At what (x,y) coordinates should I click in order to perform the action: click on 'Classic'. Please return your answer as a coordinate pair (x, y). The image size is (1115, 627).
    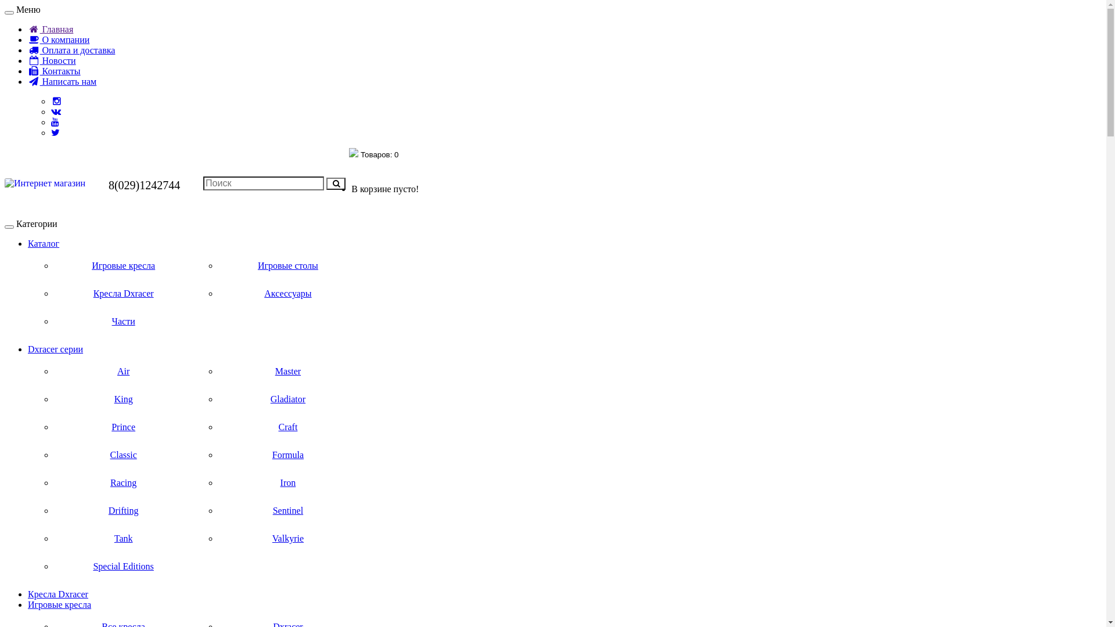
    Looking at the image, I should click on (123, 454).